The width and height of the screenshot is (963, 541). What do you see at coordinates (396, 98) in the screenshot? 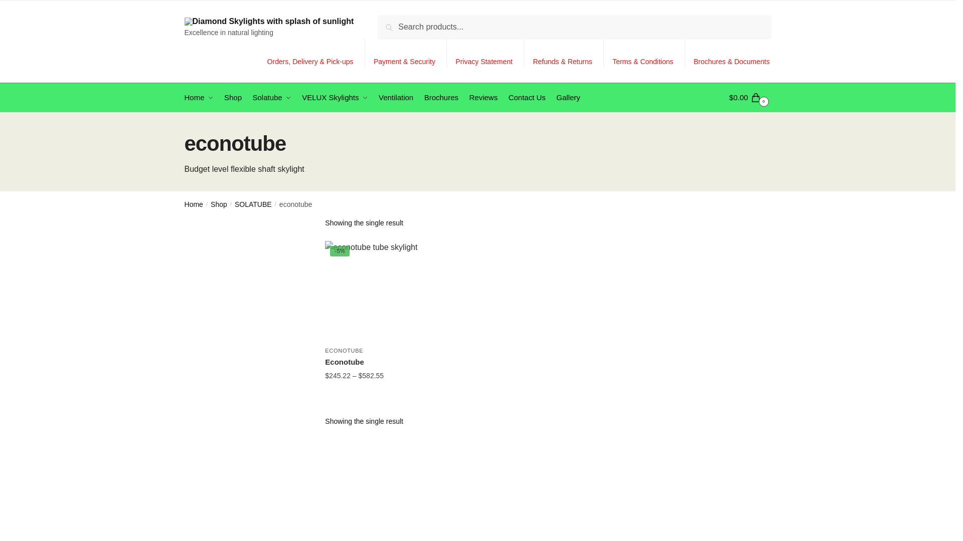
I see `'Ventilation'` at bounding box center [396, 98].